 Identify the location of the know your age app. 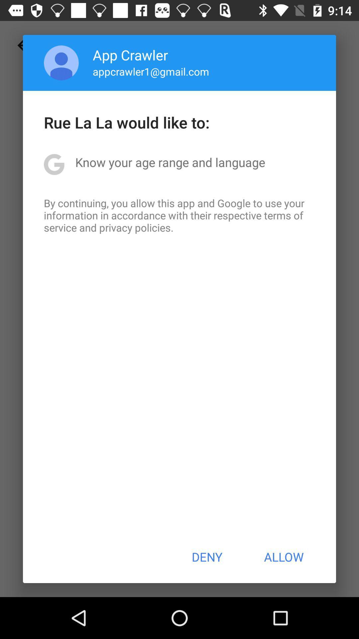
(170, 162).